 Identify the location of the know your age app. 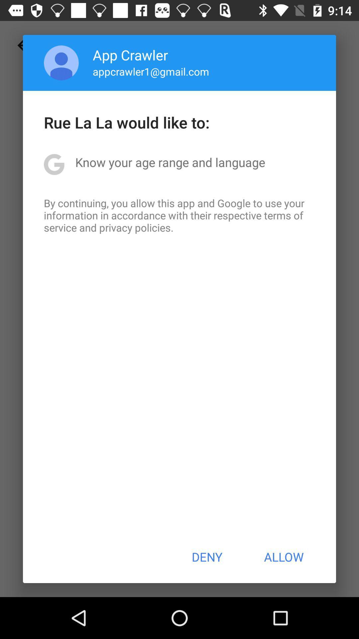
(170, 162).